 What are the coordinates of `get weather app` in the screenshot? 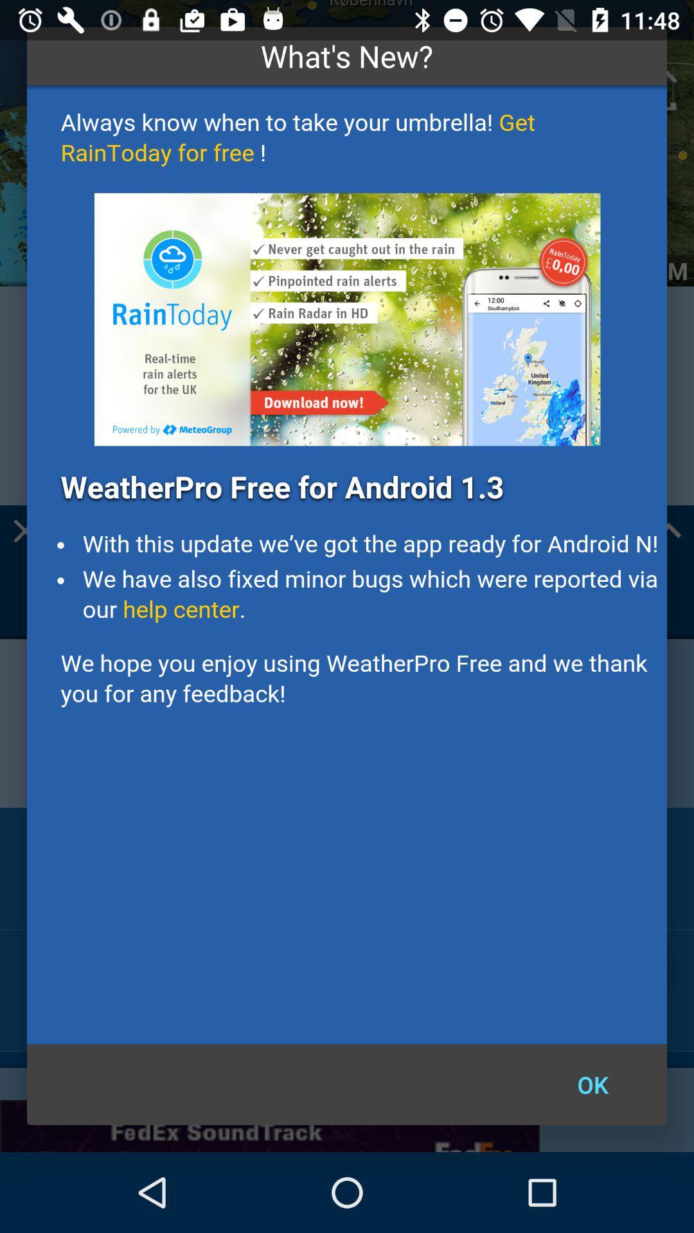 It's located at (347, 564).